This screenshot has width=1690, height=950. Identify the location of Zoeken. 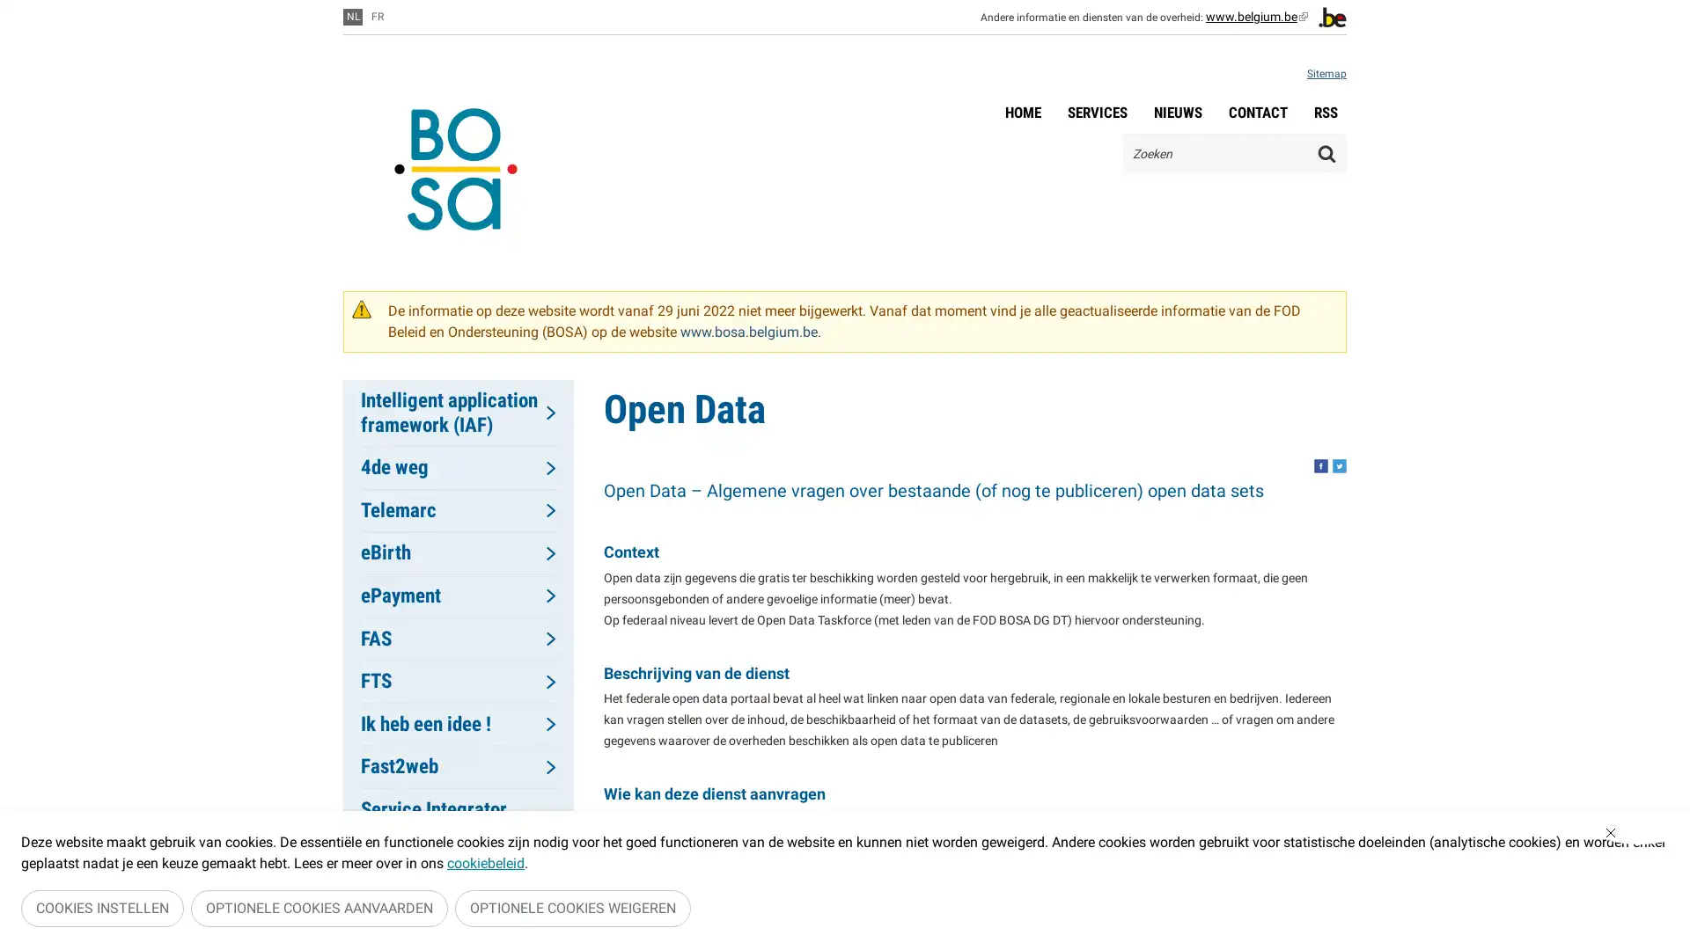
(1326, 152).